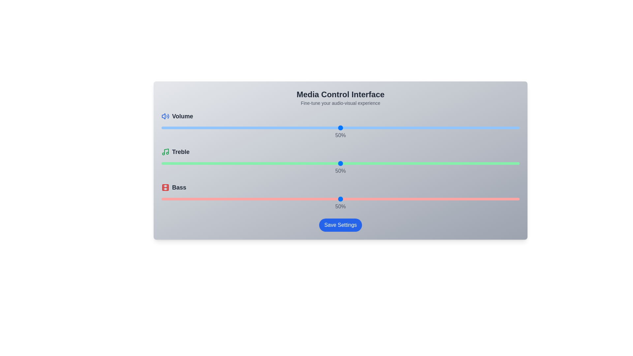  Describe the element at coordinates (340, 135) in the screenshot. I see `the text label that displays the percentage level of the volume setting, which is positioned below the horizontal blue progress bar and aligned horizontally centered with the bar` at that location.